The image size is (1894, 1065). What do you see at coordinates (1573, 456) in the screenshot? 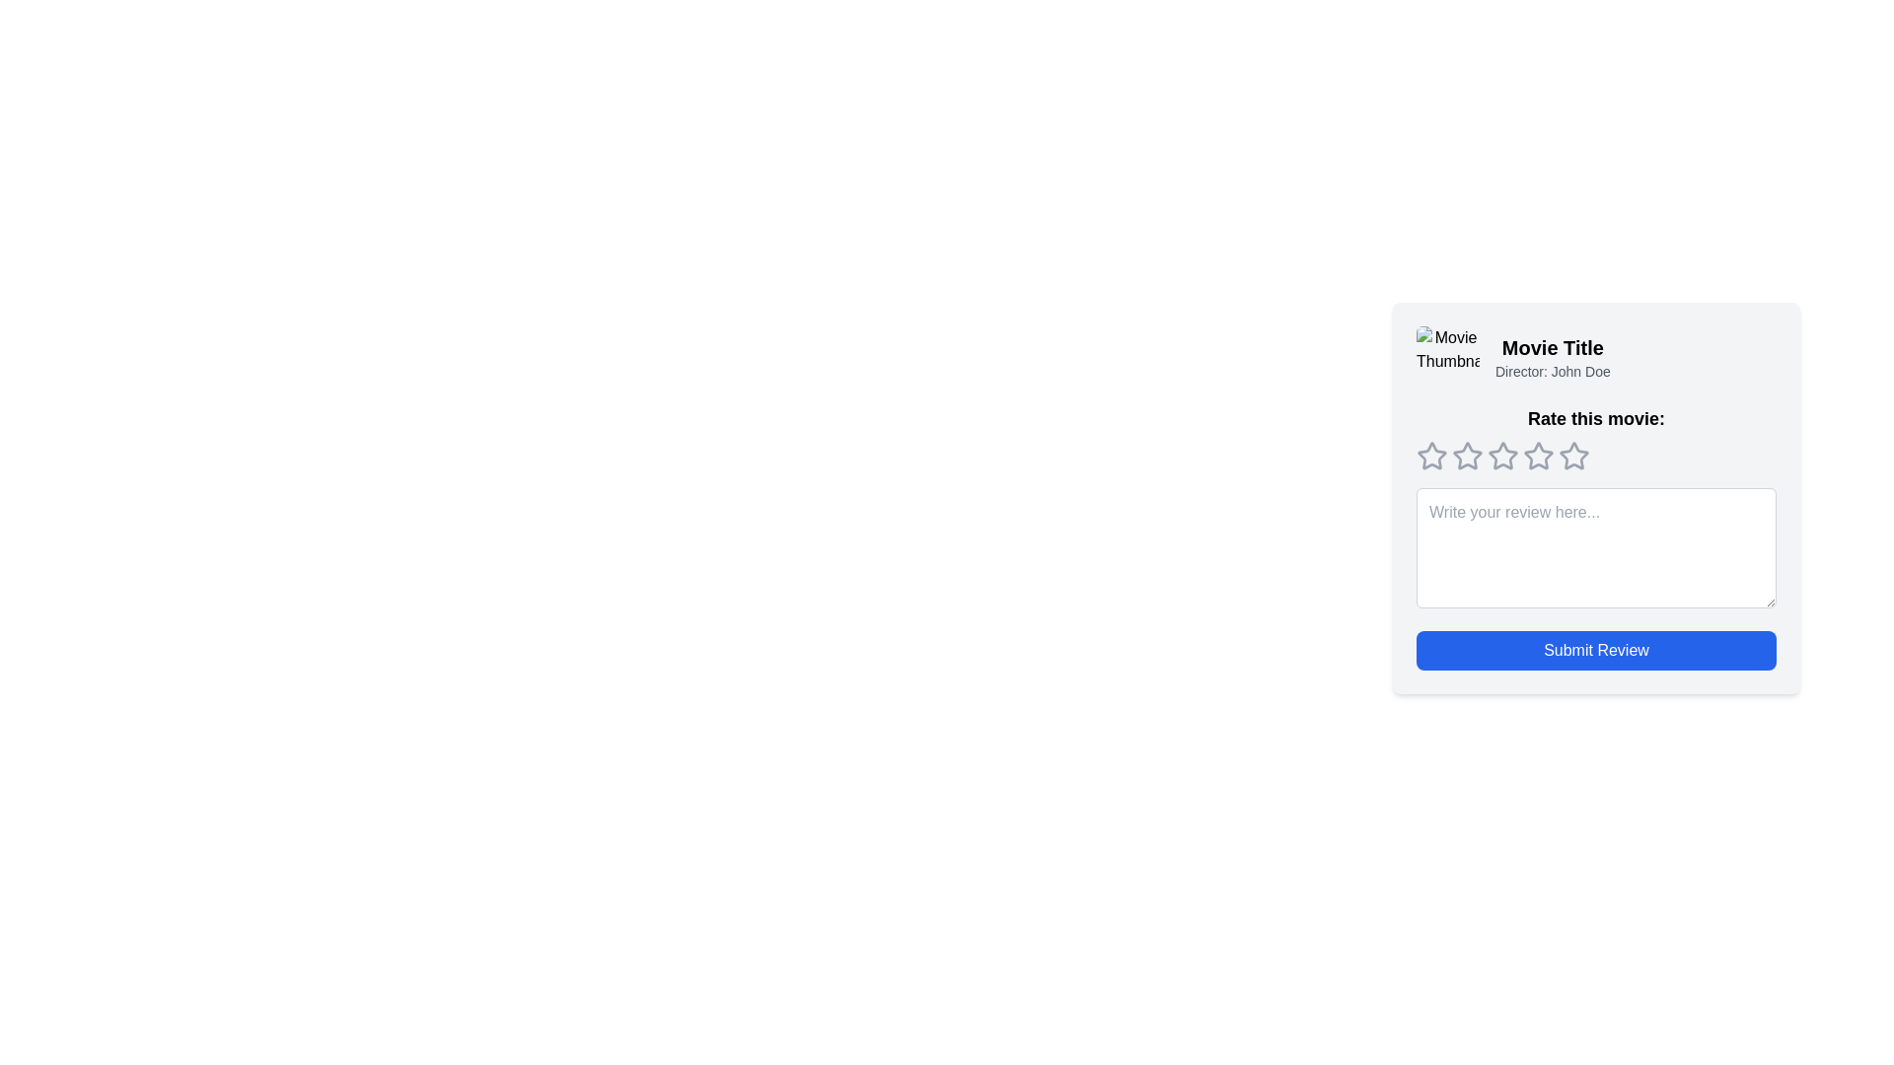
I see `the fourth star in the rating sequence, which changes color to yellow on interaction, located below the 'Rate this movie:' text` at bounding box center [1573, 456].